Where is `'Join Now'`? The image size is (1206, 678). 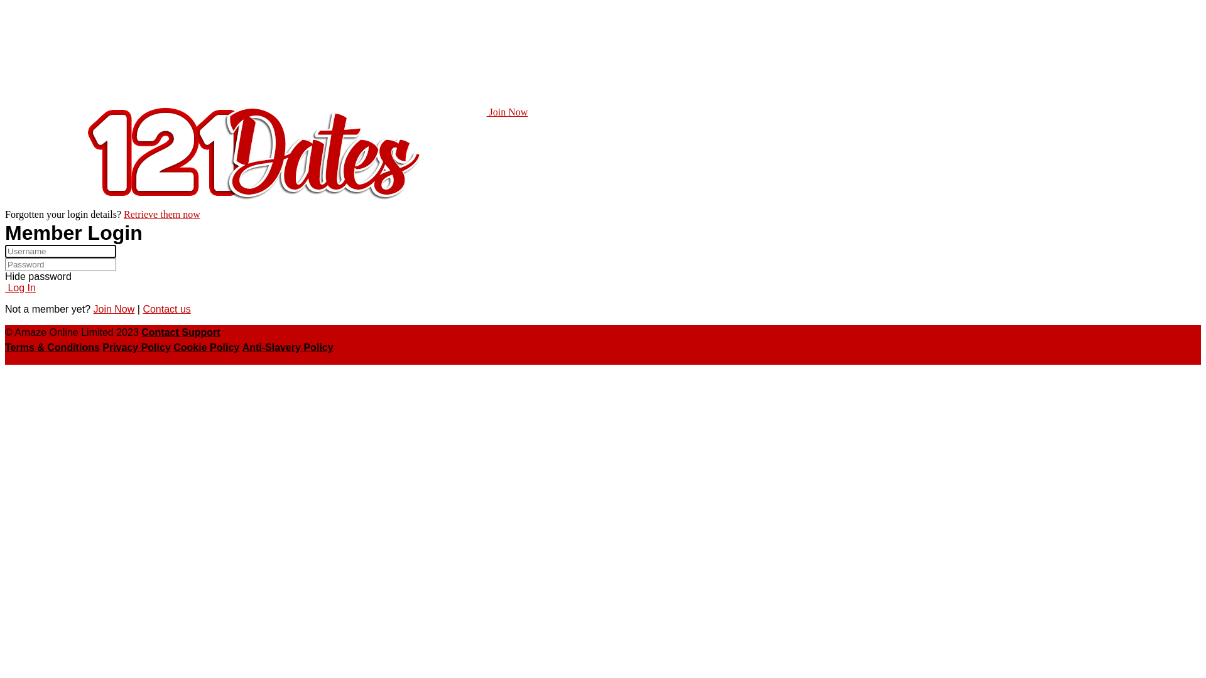
'Join Now' is located at coordinates (114, 309).